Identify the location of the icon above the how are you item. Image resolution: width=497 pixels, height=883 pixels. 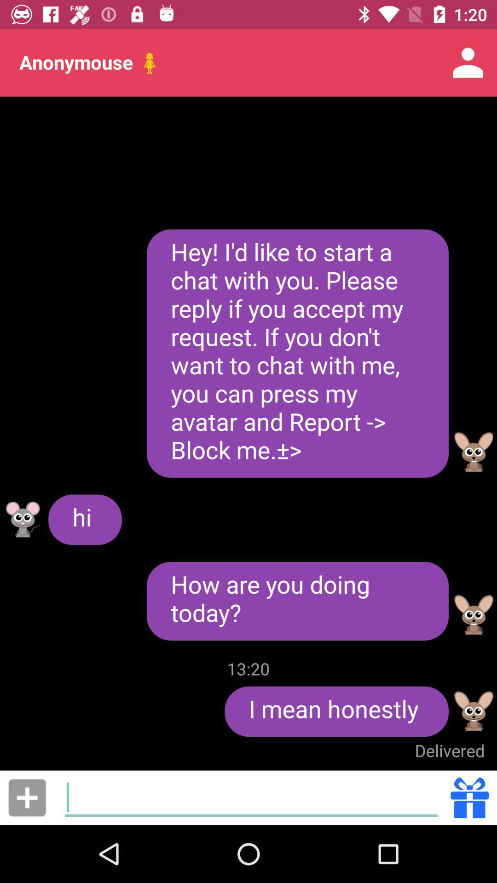
(297, 353).